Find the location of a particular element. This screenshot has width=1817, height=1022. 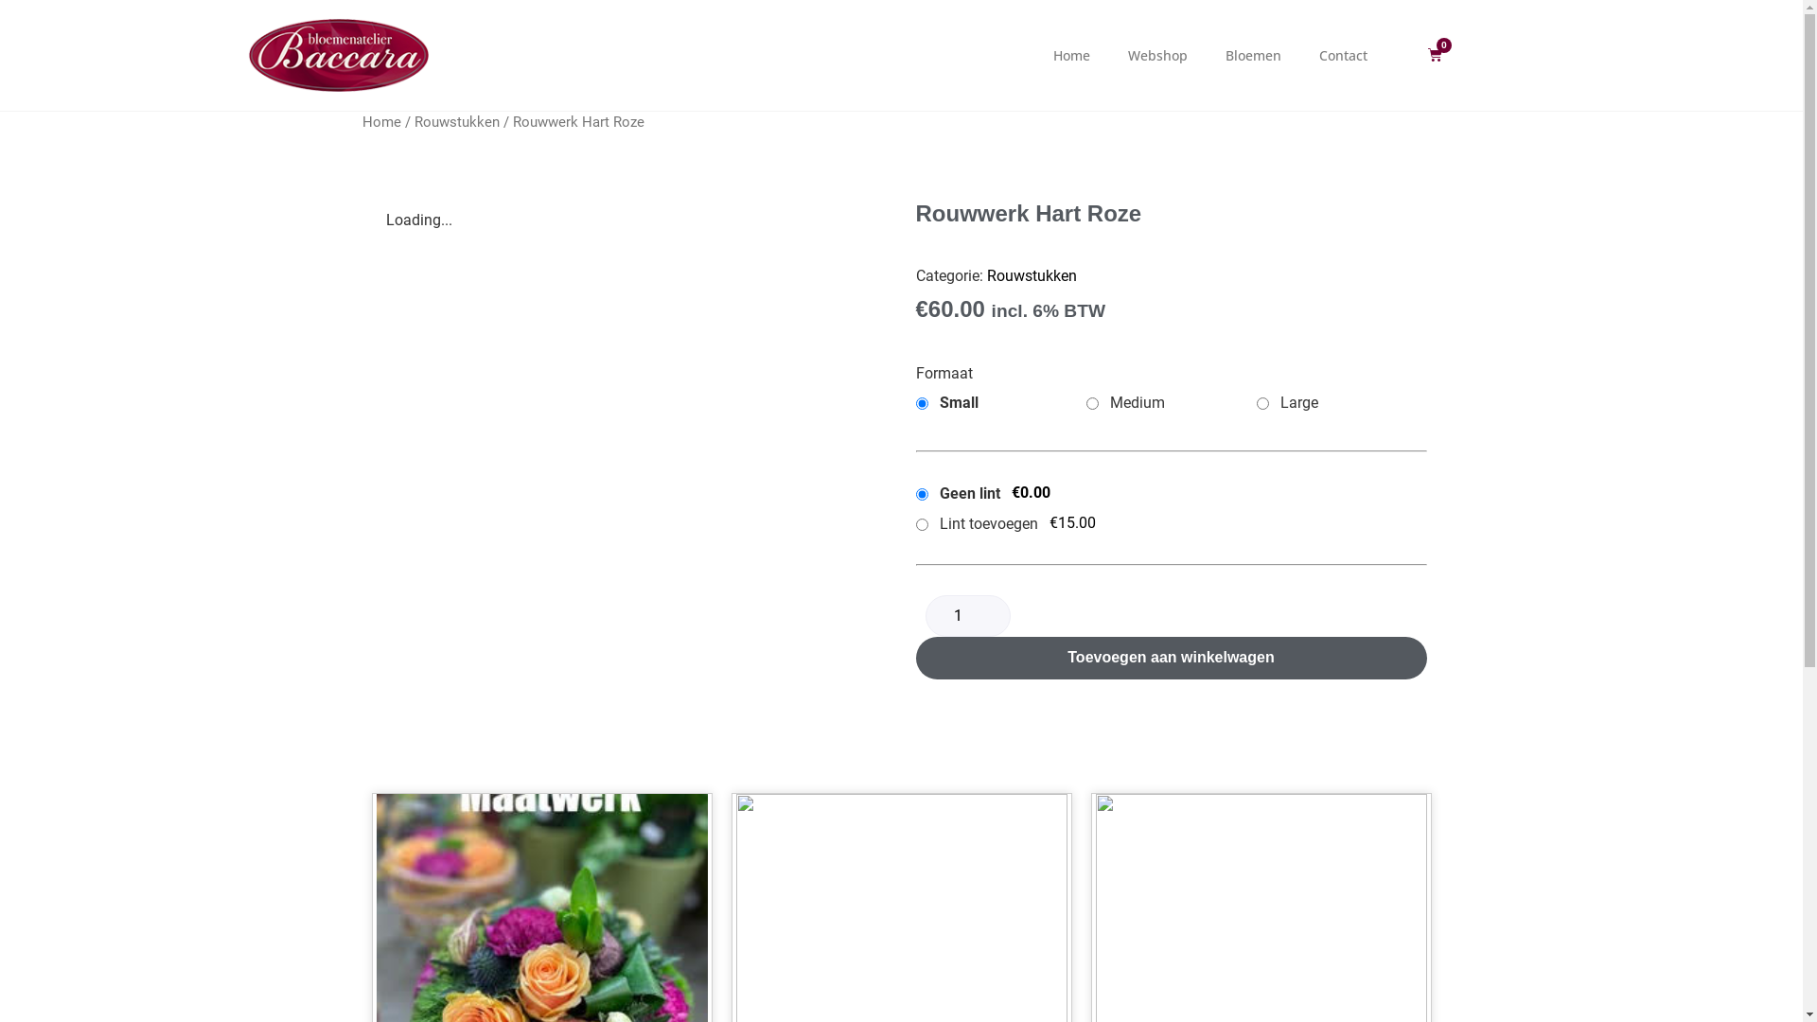

'Home' is located at coordinates (1071, 54).